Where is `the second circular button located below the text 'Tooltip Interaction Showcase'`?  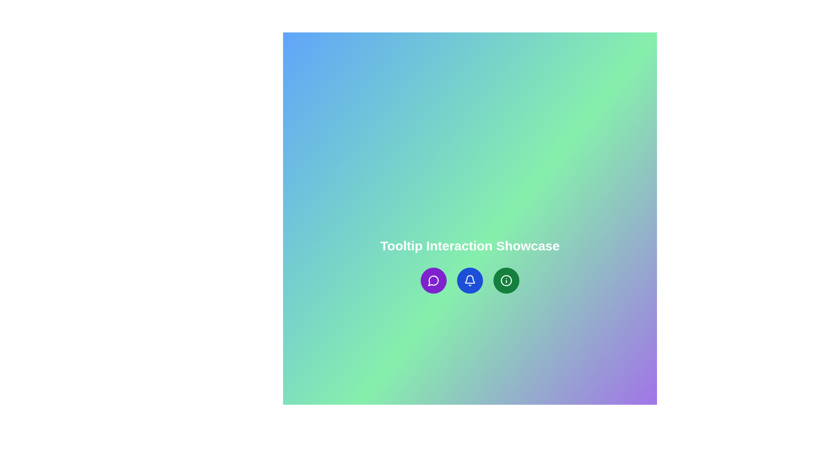 the second circular button located below the text 'Tooltip Interaction Showcase' is located at coordinates (469, 280).